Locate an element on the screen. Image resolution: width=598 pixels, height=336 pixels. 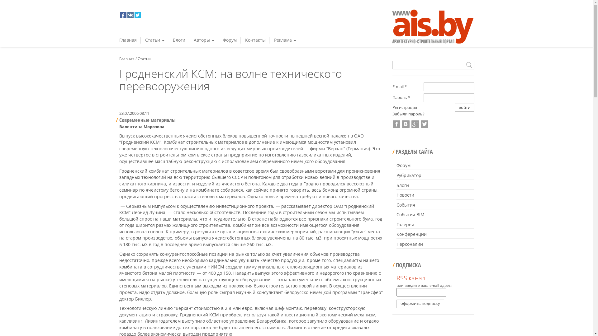
'Twitter' is located at coordinates (424, 124).